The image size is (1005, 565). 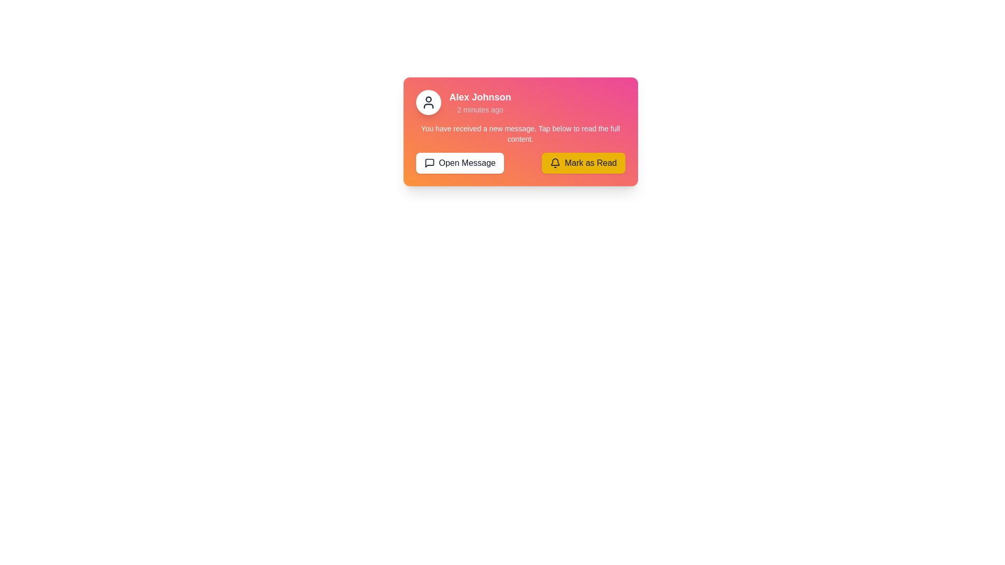 I want to click on the square-shaped speech bubble icon representing a message or comment, located to the left of the text inside the 'Open Message' button, so click(x=429, y=163).